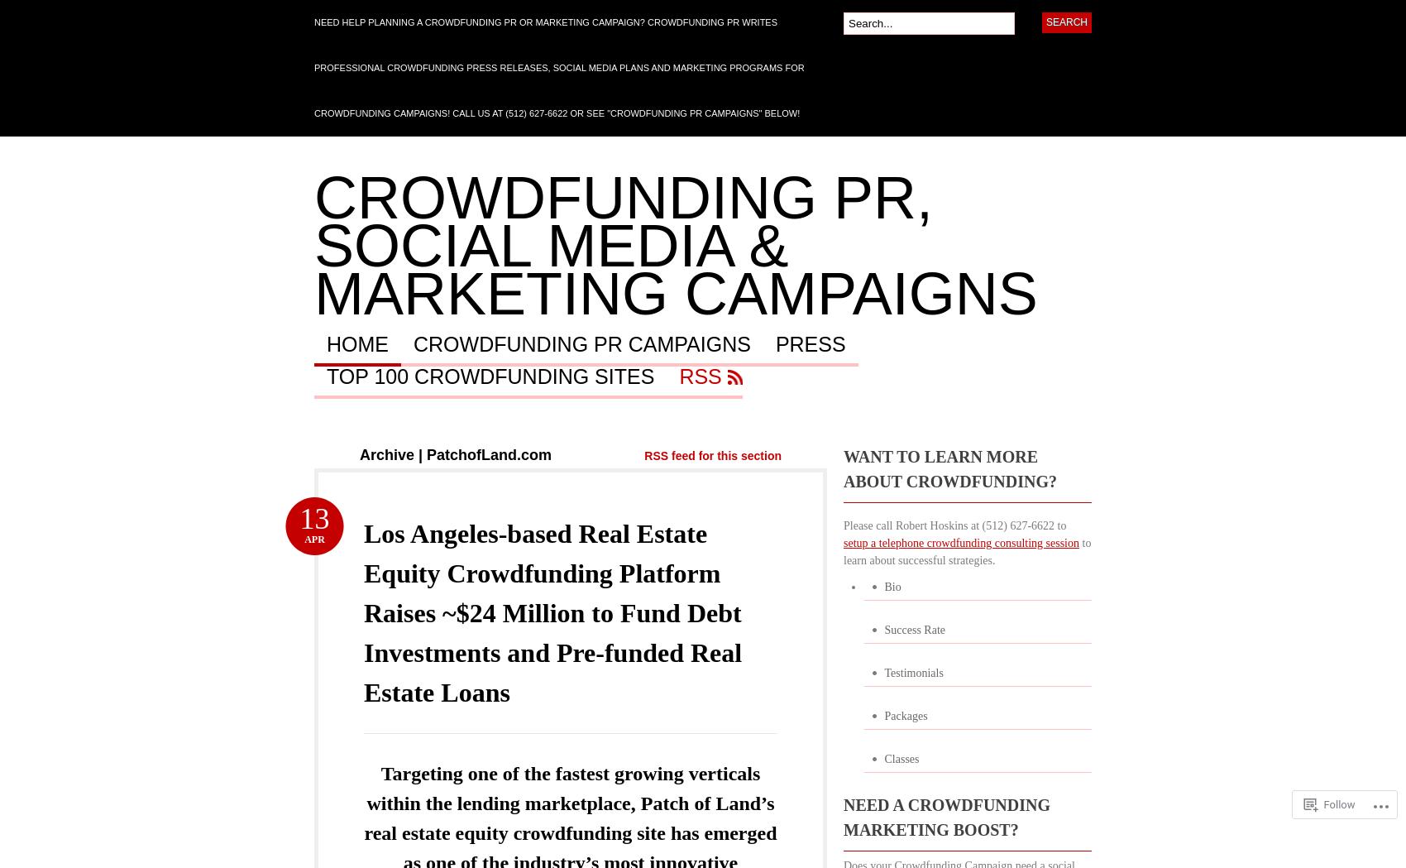  Describe the element at coordinates (558, 67) in the screenshot. I see `'Need help planning a Crowdfunding PR or marketing campaign? Crowdfunding PR writes professional Crowdfunding press releases, social media plans and marketing programs for Crowdfunding Campaigns! Call us at (512) 627-6622 or see "Crowdfunding PR Campaigns" below!'` at that location.